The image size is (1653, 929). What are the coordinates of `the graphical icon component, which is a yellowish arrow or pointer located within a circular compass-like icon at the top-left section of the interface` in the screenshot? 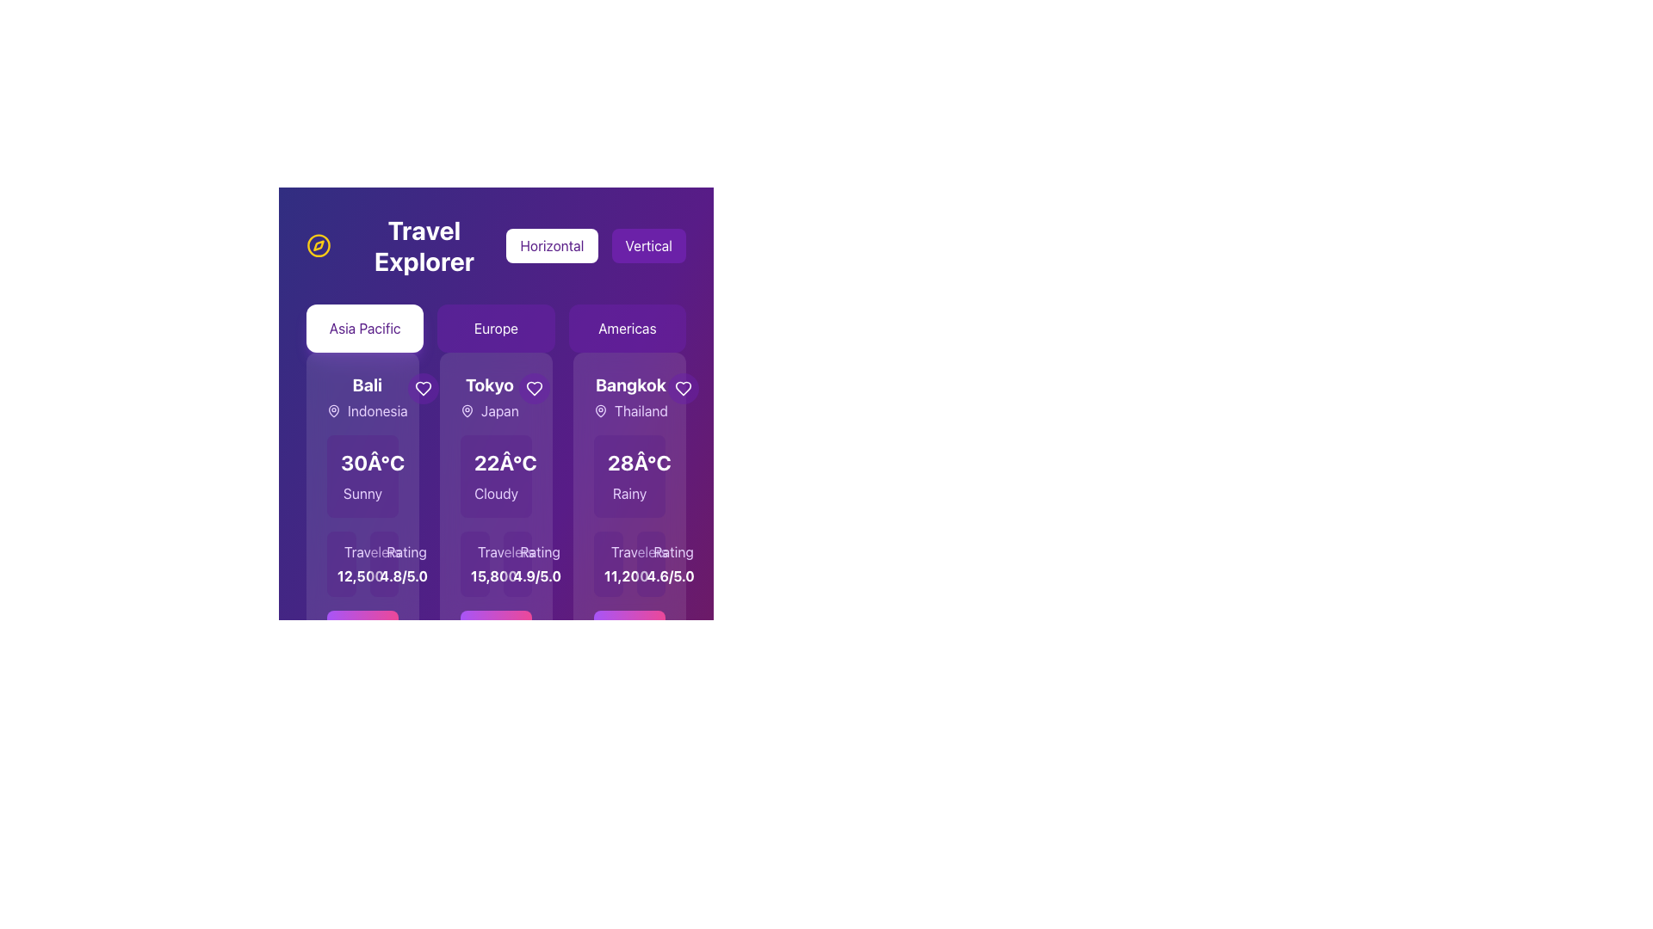 It's located at (319, 245).